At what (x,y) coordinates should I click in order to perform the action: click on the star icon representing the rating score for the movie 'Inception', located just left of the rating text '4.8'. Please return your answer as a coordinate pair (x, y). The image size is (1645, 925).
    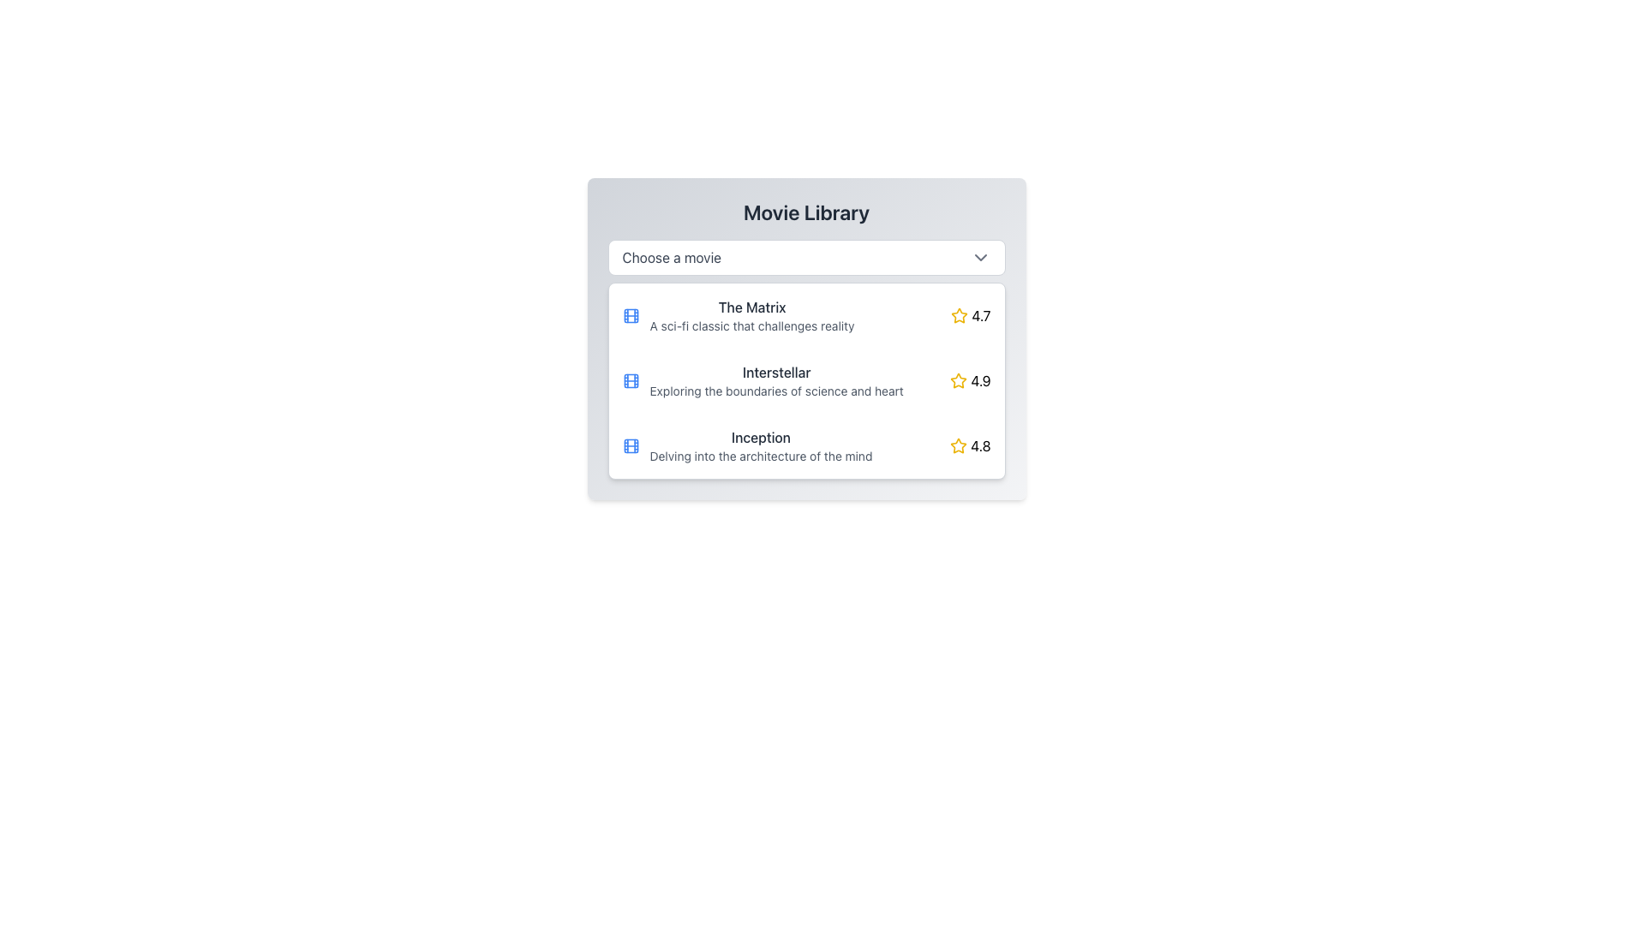
    Looking at the image, I should click on (957, 445).